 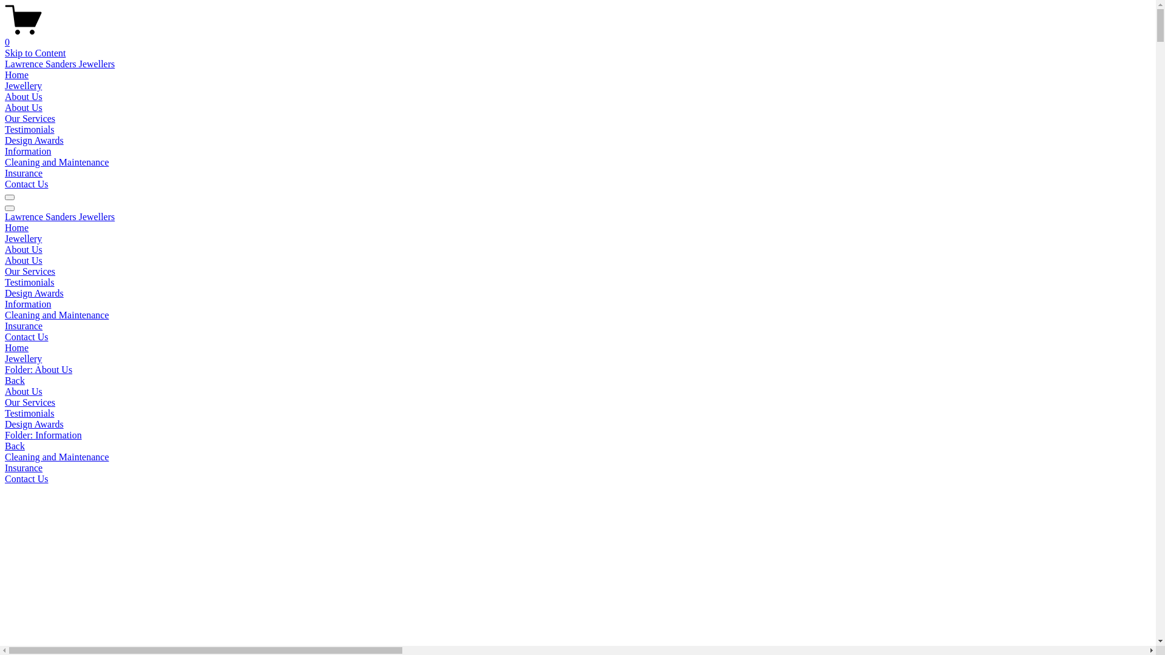 What do you see at coordinates (23, 96) in the screenshot?
I see `'About Us'` at bounding box center [23, 96].